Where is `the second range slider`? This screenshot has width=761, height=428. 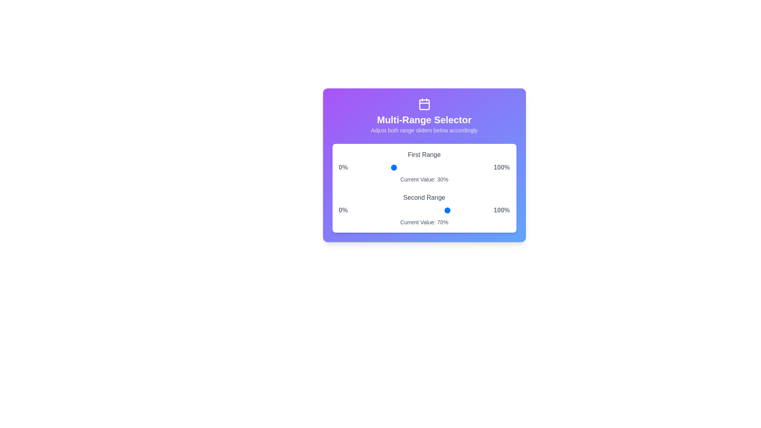
the second range slider is located at coordinates (361, 210).